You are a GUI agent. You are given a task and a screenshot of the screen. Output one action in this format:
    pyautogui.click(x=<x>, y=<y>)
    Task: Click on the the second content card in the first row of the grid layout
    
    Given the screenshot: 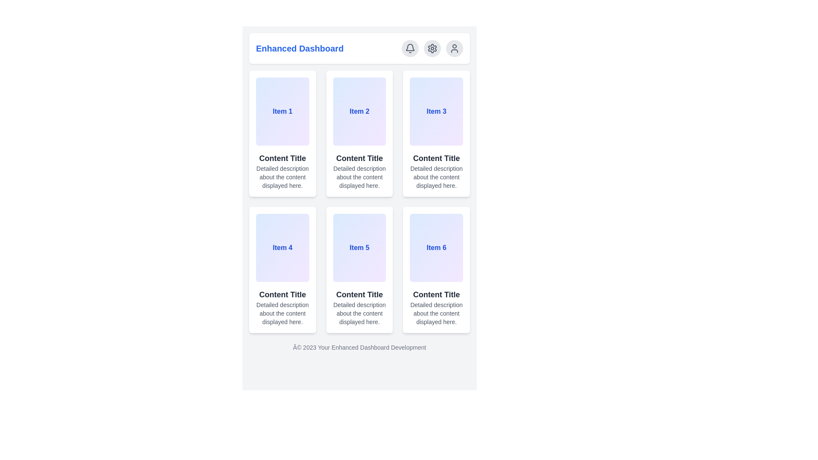 What is the action you would take?
    pyautogui.click(x=360, y=133)
    